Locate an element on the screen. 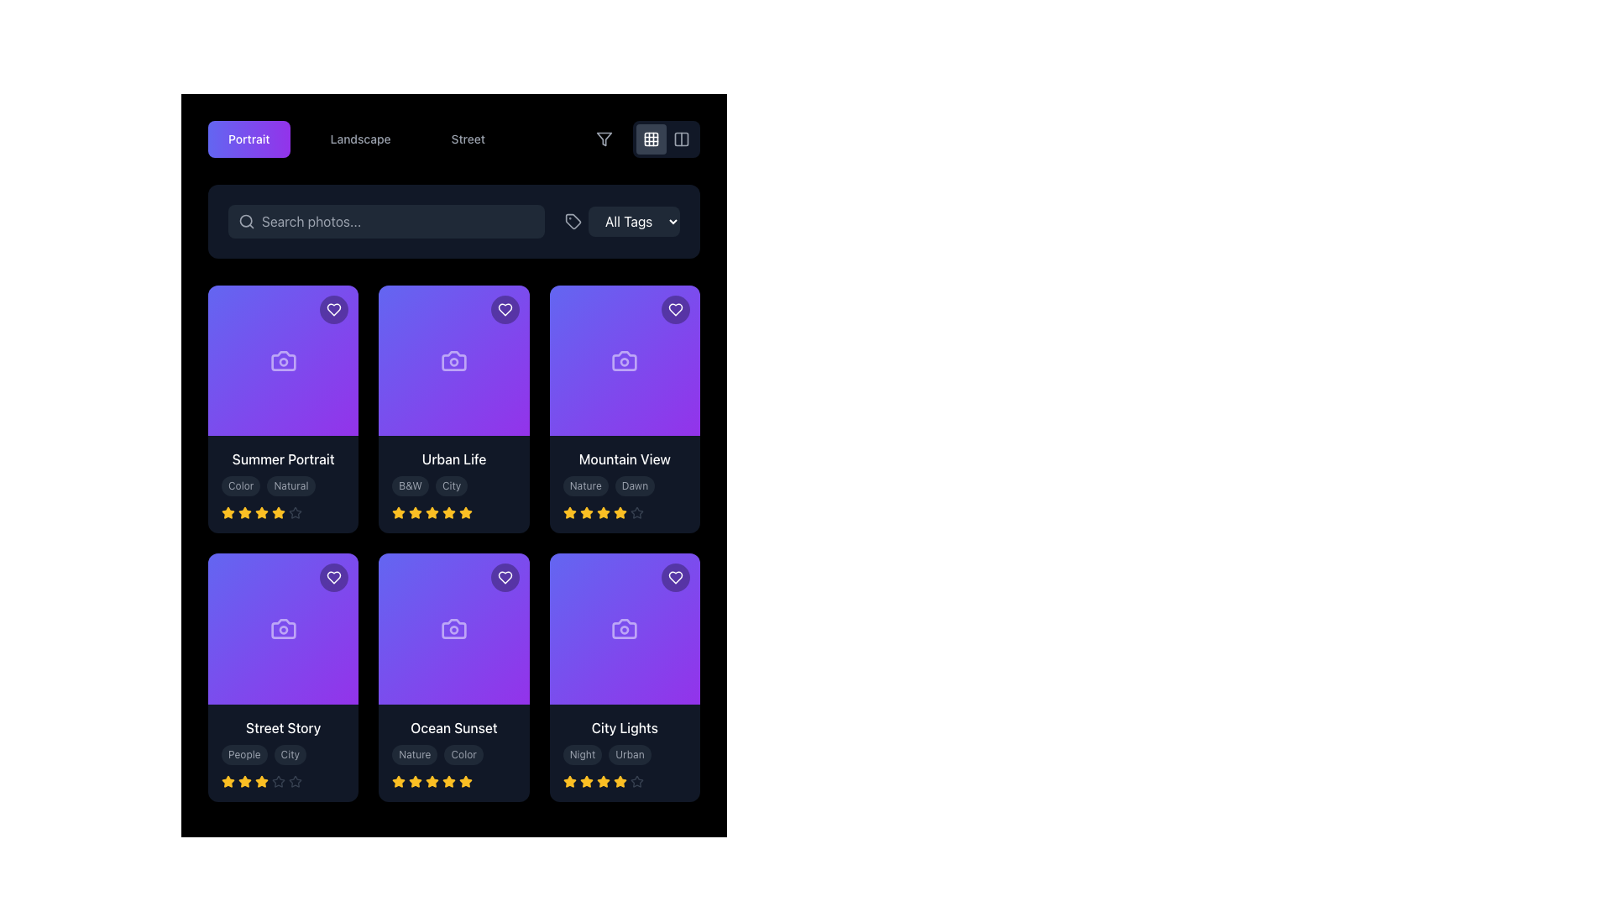 This screenshot has width=1612, height=907. the first selectable visual card is located at coordinates (283, 409).